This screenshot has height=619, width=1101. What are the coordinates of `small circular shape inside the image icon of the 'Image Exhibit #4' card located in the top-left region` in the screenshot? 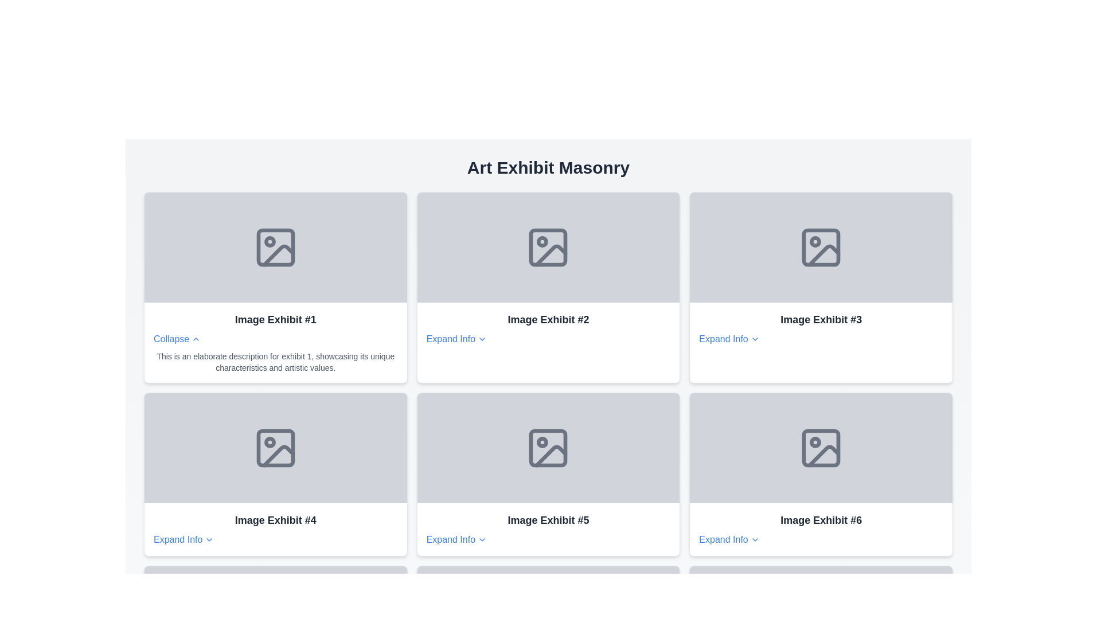 It's located at (269, 441).